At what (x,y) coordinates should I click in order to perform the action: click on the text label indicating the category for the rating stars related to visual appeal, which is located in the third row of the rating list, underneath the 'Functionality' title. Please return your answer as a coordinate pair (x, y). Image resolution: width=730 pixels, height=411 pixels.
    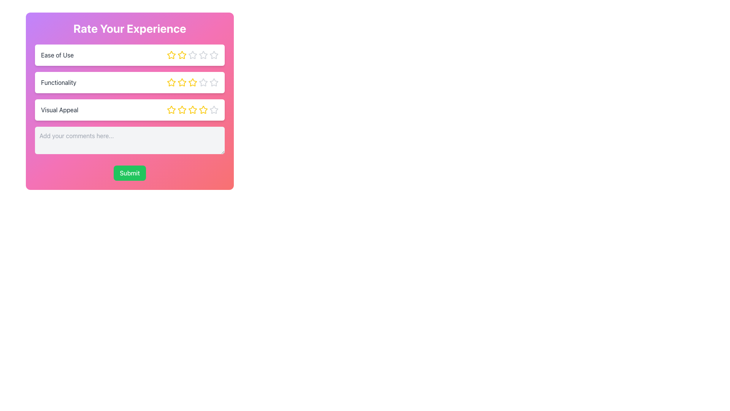
    Looking at the image, I should click on (59, 110).